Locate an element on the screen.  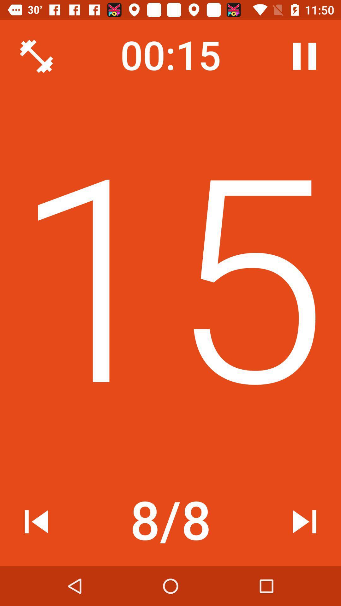
the skip_previous icon is located at coordinates (36, 521).